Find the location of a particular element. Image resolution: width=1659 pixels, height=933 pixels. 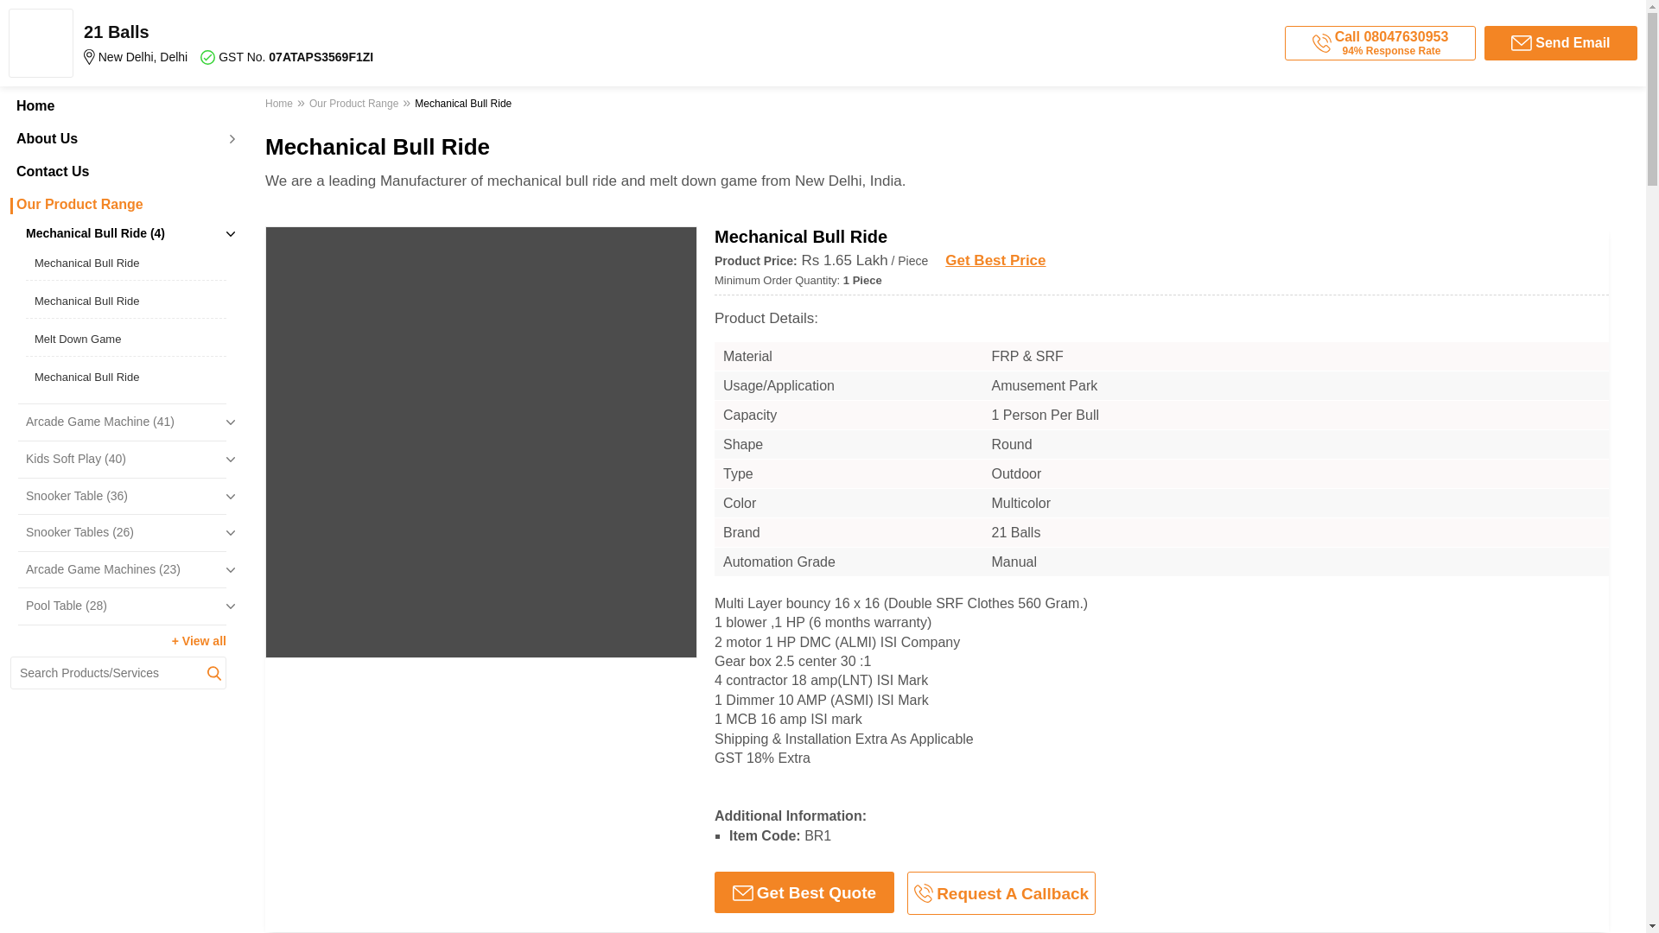

'Contact Us' is located at coordinates (118, 172).